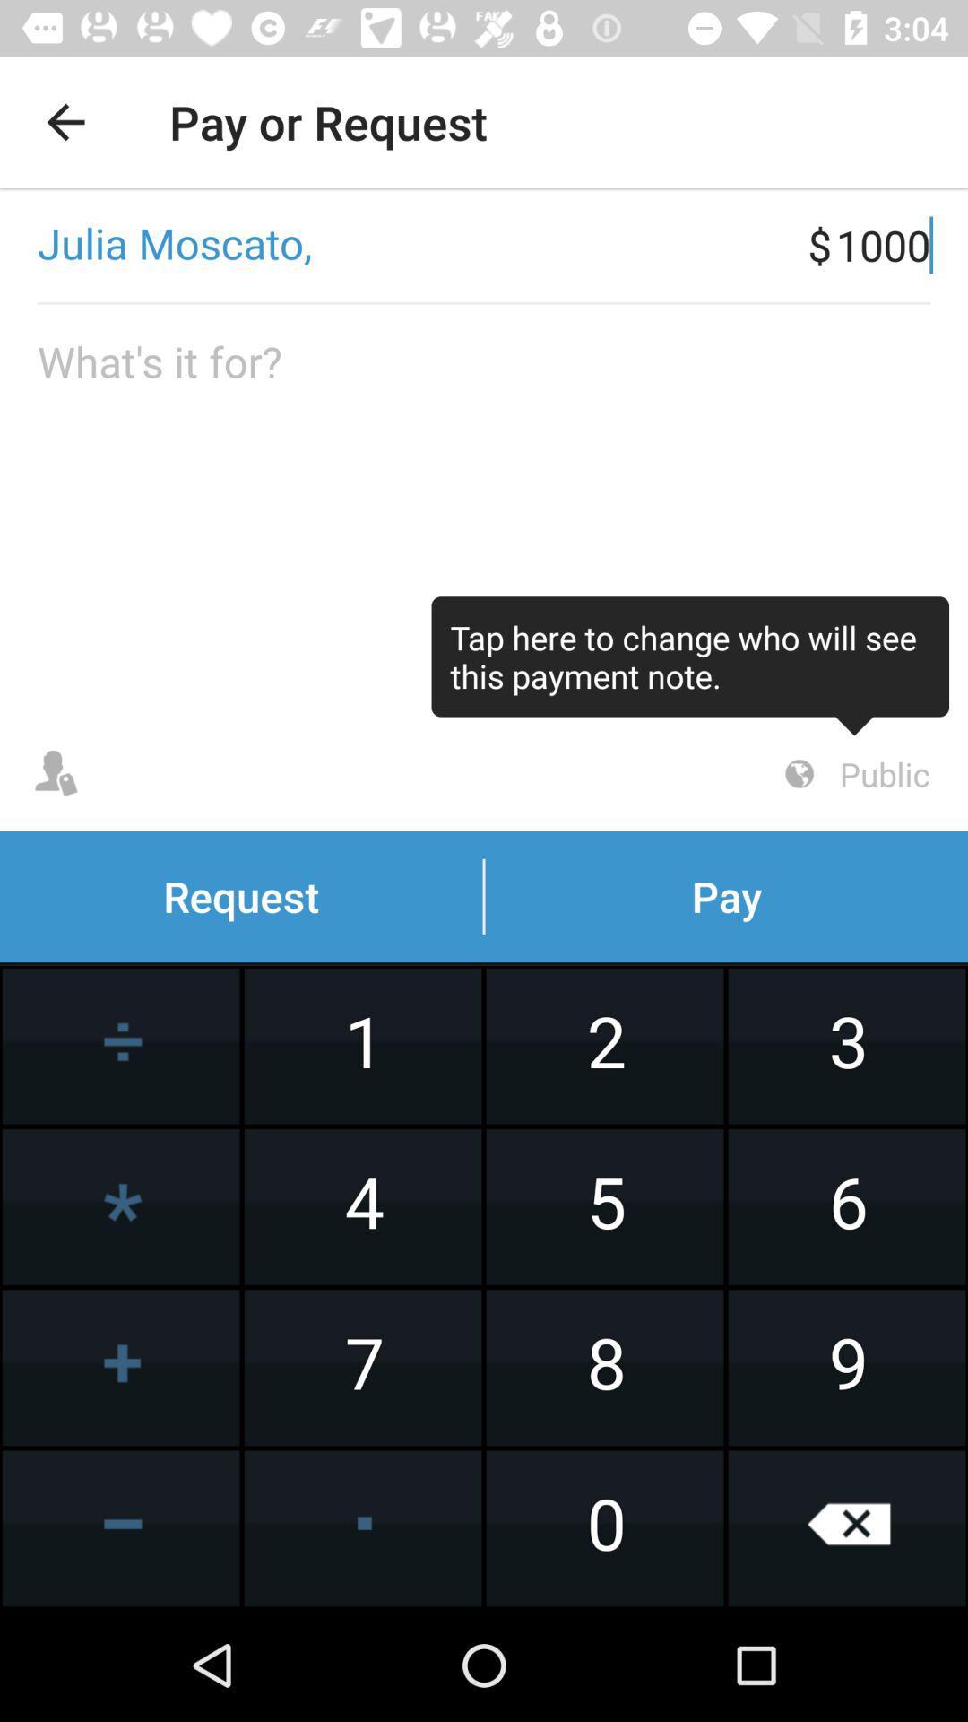 The image size is (968, 1722). I want to click on item next to the request item, so click(853, 774).